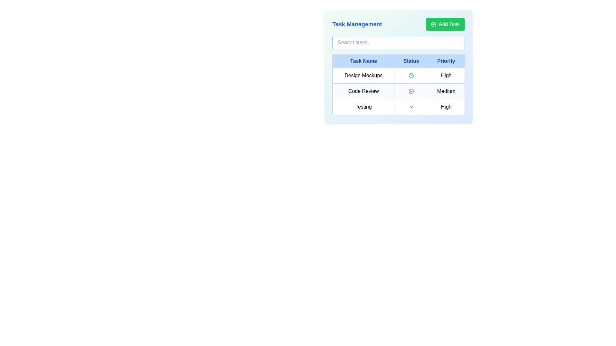 This screenshot has height=346, width=616. I want to click on the first column header of the table, which indicates that the column beneath it contains task names, so click(364, 61).